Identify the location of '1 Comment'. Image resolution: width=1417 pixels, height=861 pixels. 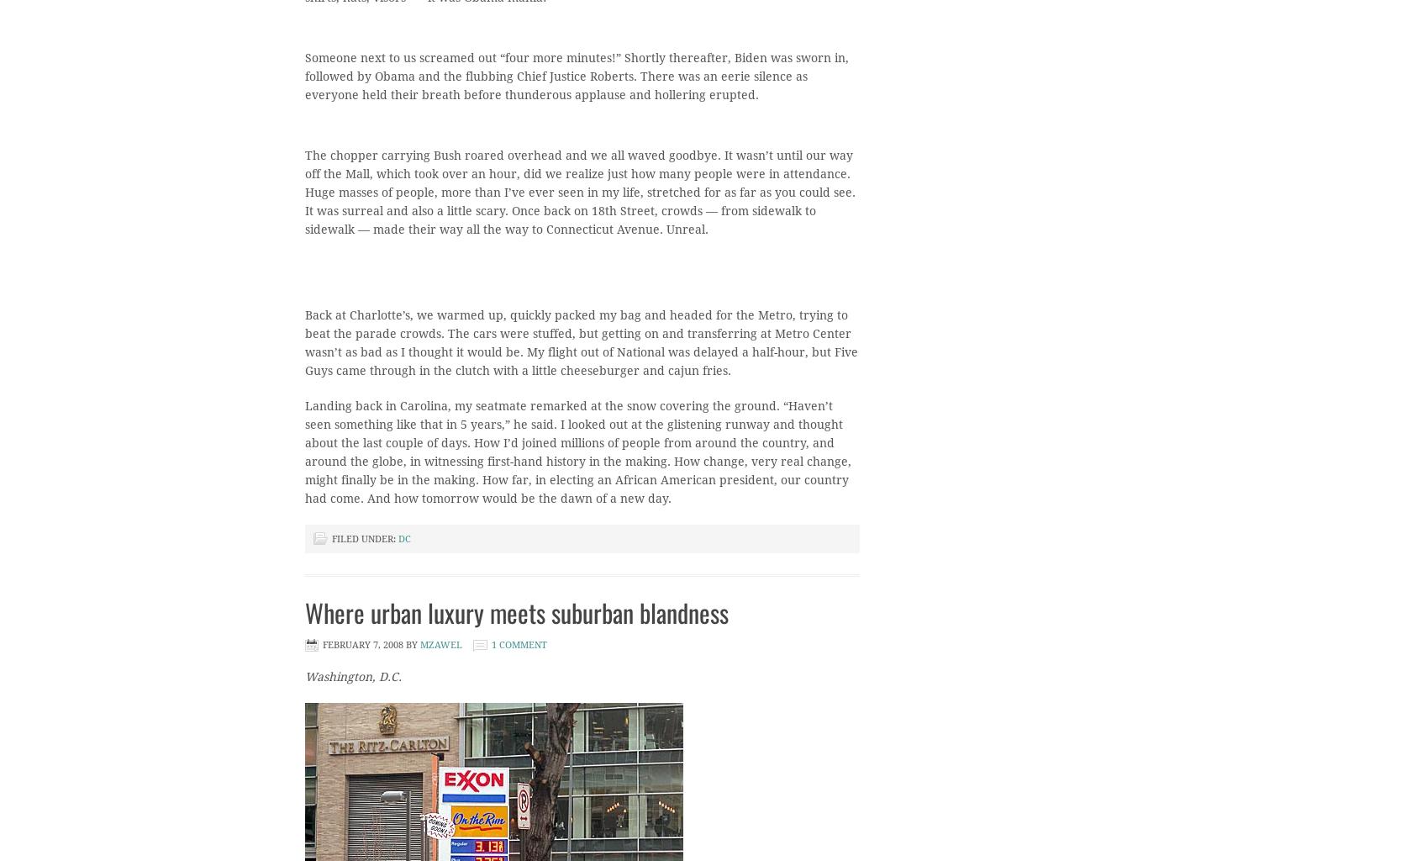
(518, 644).